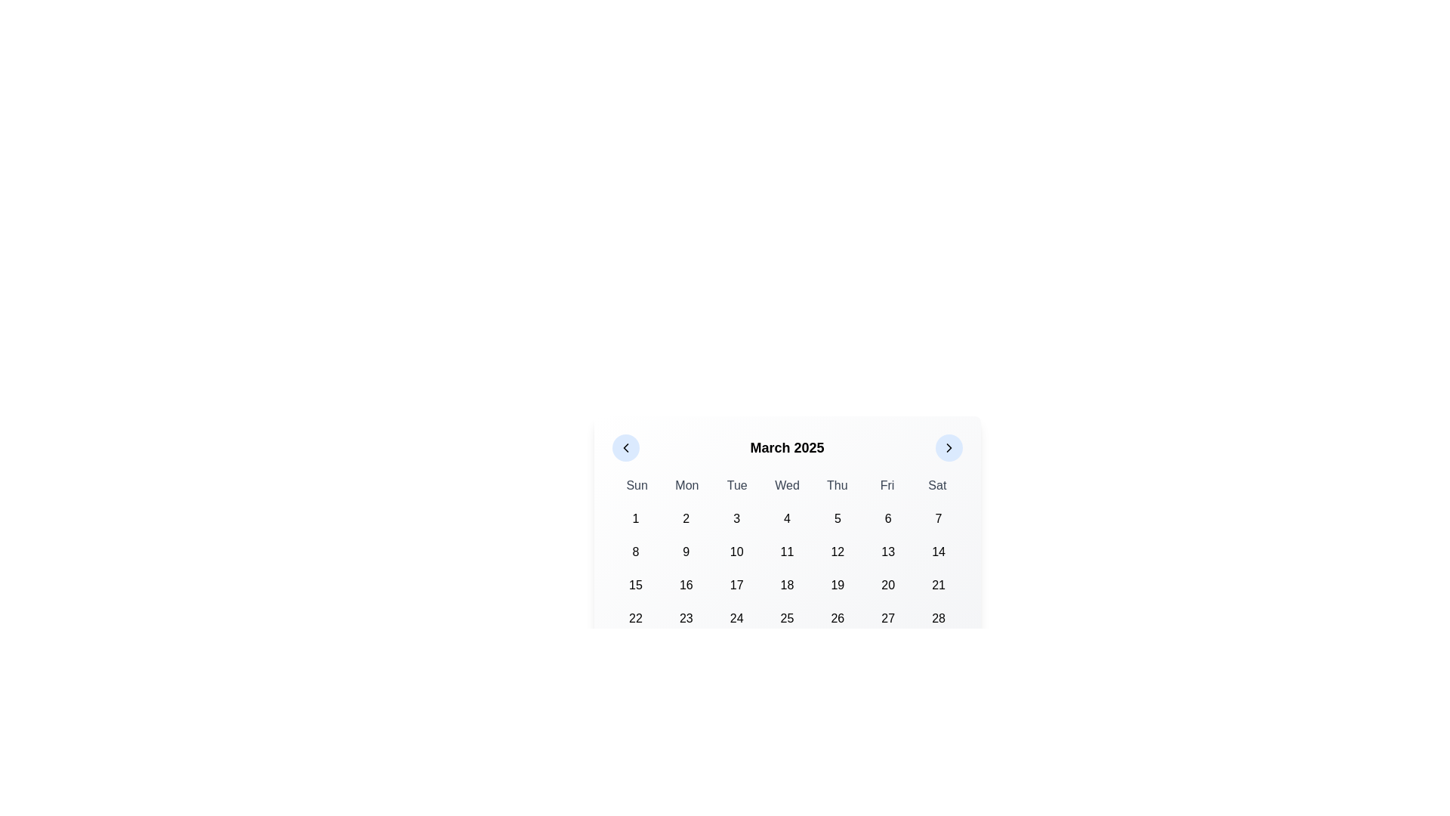 The width and height of the screenshot is (1450, 816). I want to click on the button representing the 18th day in the calendar interface, so click(786, 585).